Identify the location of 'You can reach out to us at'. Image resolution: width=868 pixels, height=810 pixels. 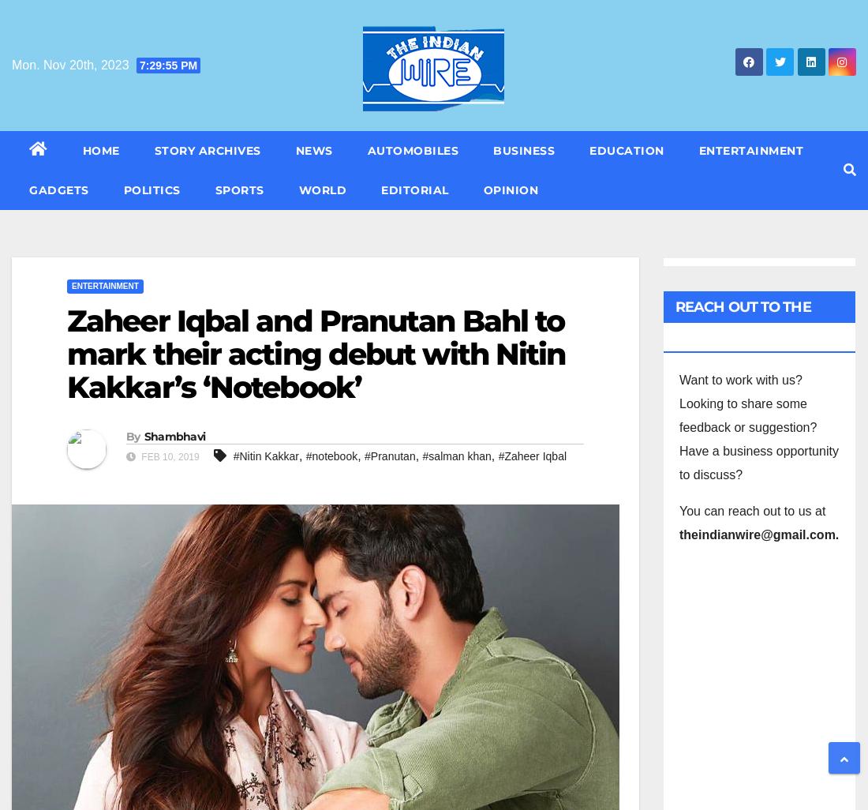
(752, 511).